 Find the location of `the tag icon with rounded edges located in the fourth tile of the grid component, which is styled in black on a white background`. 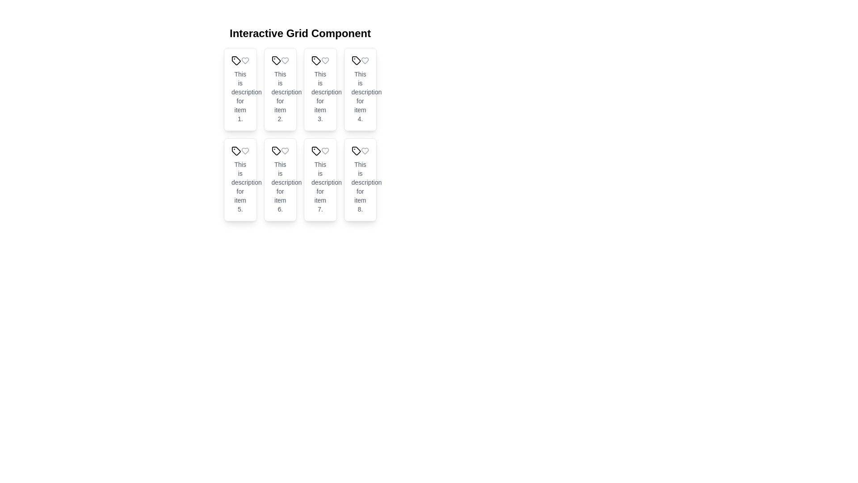

the tag icon with rounded edges located in the fourth tile of the grid component, which is styled in black on a white background is located at coordinates (355, 60).